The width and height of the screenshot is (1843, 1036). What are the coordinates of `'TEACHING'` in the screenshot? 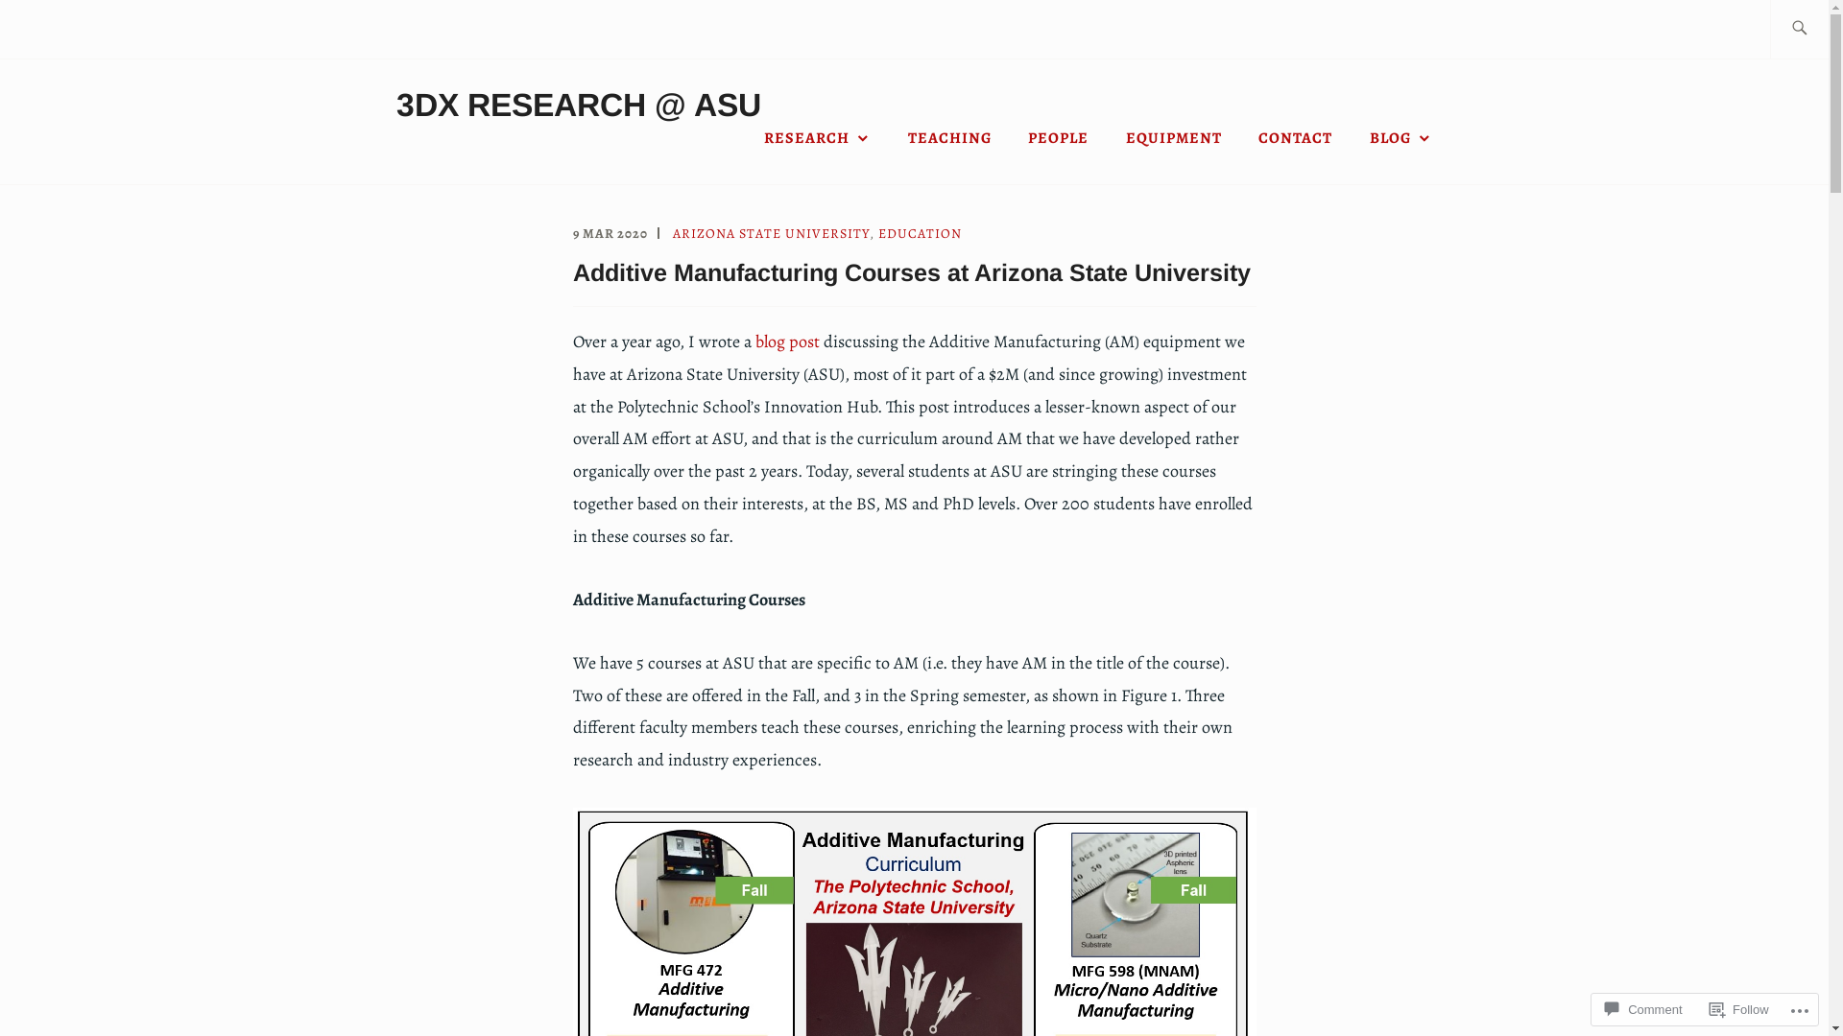 It's located at (949, 136).